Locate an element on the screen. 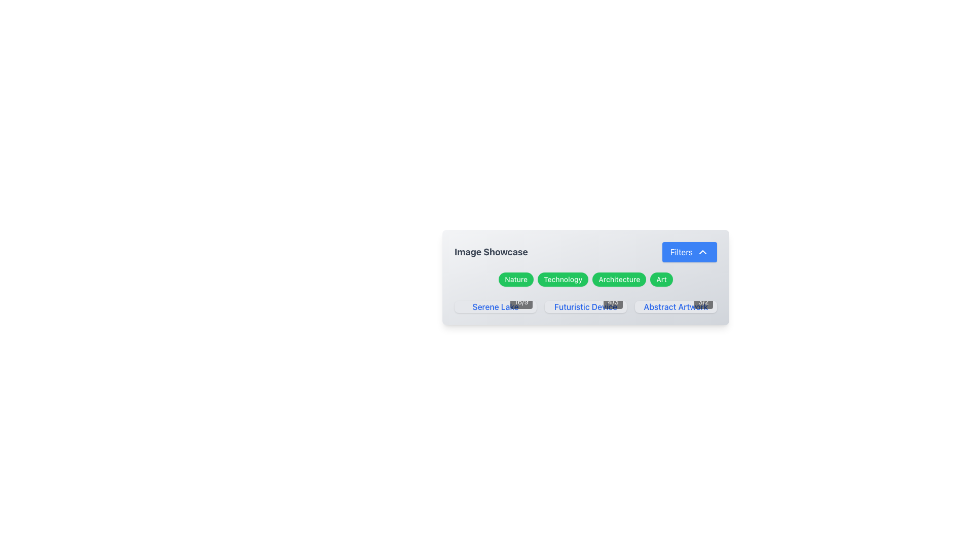 The width and height of the screenshot is (973, 547). the toggle button for the 'Technology' category, which is positioned to the right of the 'Nature' button and to the left of the 'Architecture' button in the category selection section below the 'Image Showcase' title is located at coordinates (586, 277).